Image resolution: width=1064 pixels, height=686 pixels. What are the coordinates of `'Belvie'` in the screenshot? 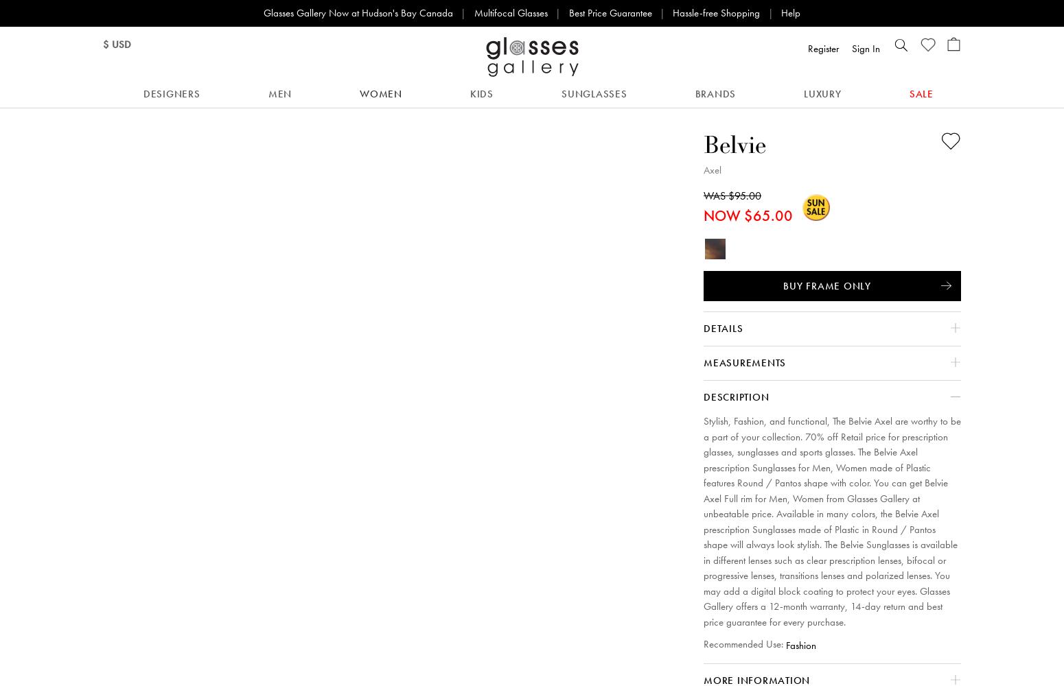 It's located at (735, 143).